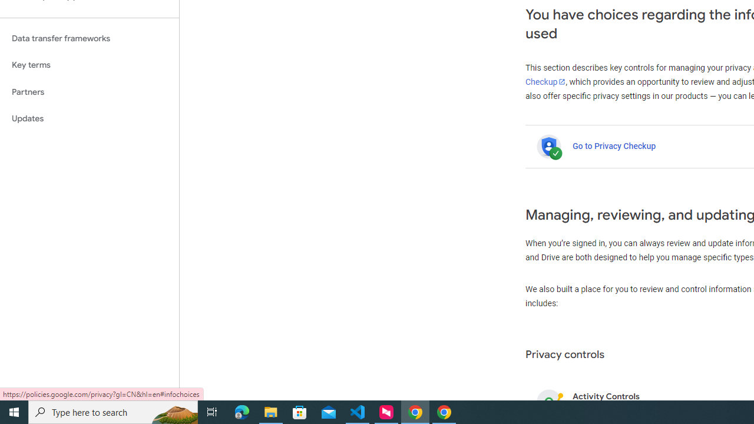  I want to click on 'Updates', so click(89, 118).